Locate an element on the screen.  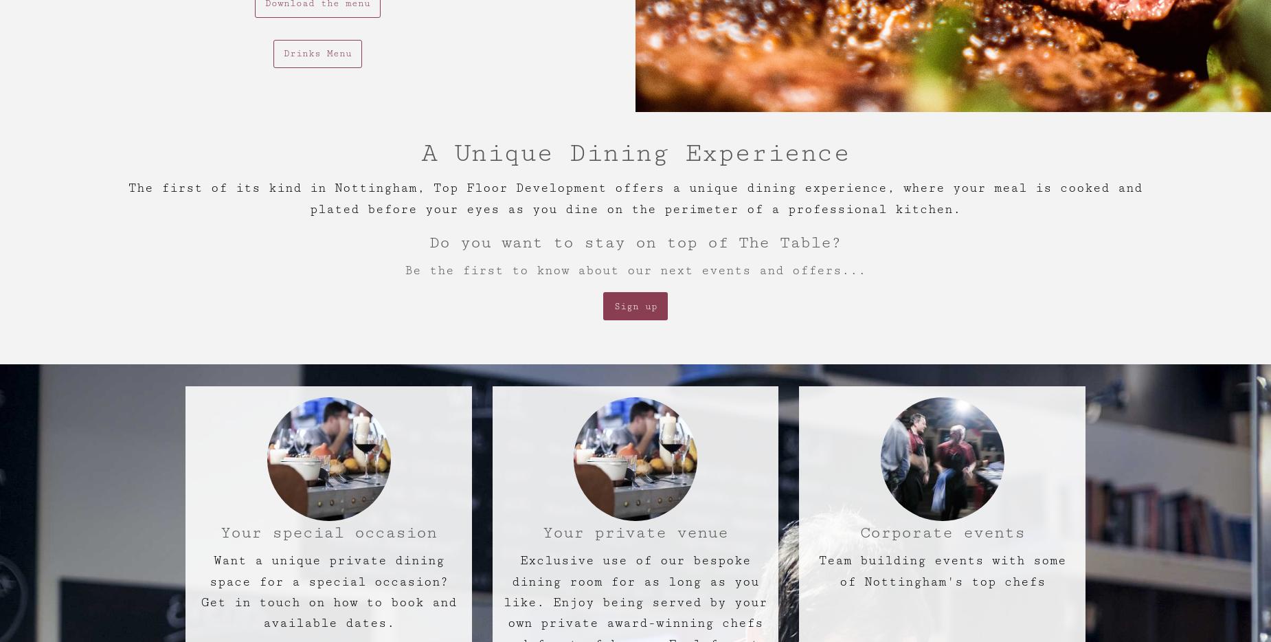
'Do you want to stay on top of The Table?' is located at coordinates (635, 242).